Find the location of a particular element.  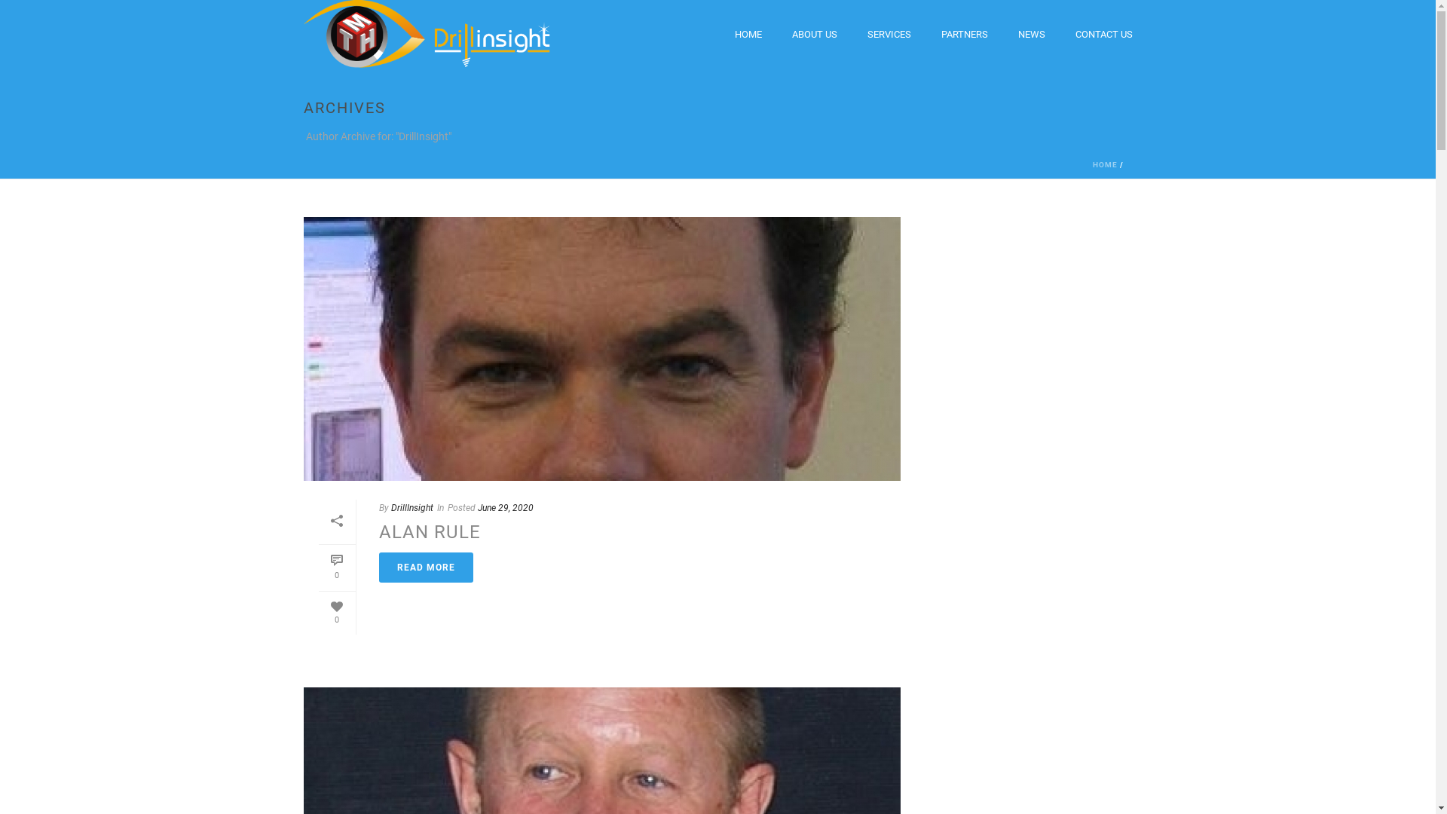

'HOME' is located at coordinates (1105, 164).